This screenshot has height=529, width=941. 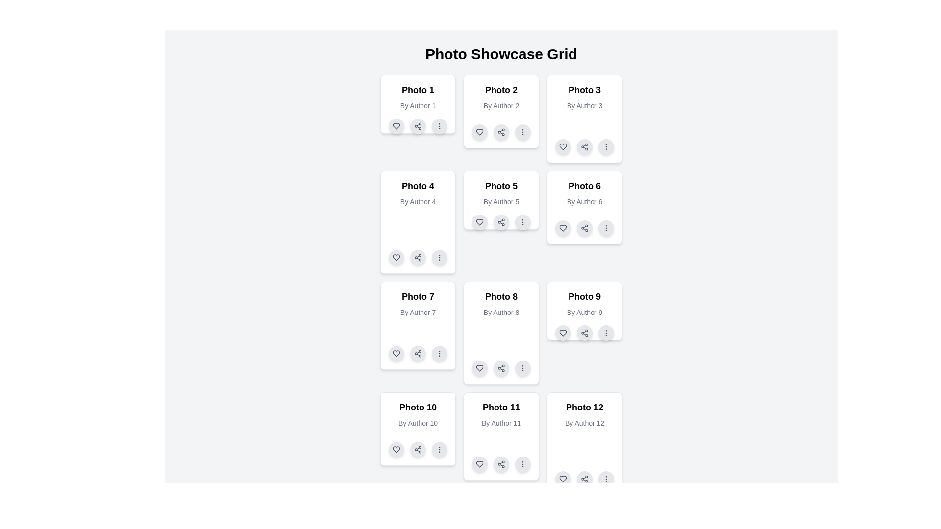 I want to click on the 'share' button located in the control panel of the 'Photo 6' card, positioned between the heart-shaped button and the ellipsis button, so click(x=585, y=228).